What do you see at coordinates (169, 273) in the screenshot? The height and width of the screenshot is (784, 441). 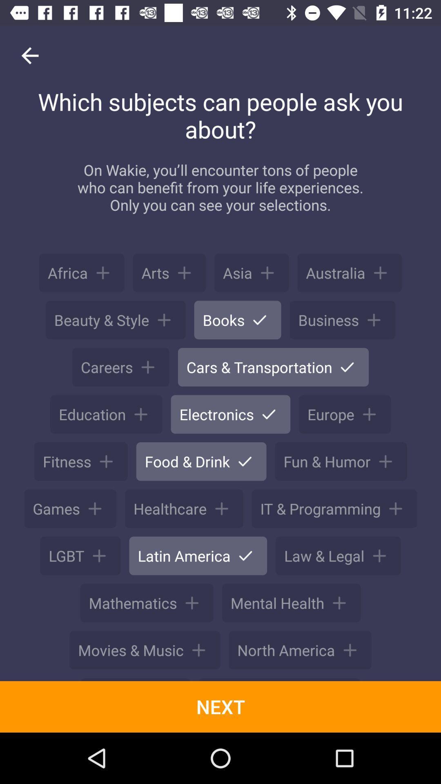 I see `the button next to africa` at bounding box center [169, 273].